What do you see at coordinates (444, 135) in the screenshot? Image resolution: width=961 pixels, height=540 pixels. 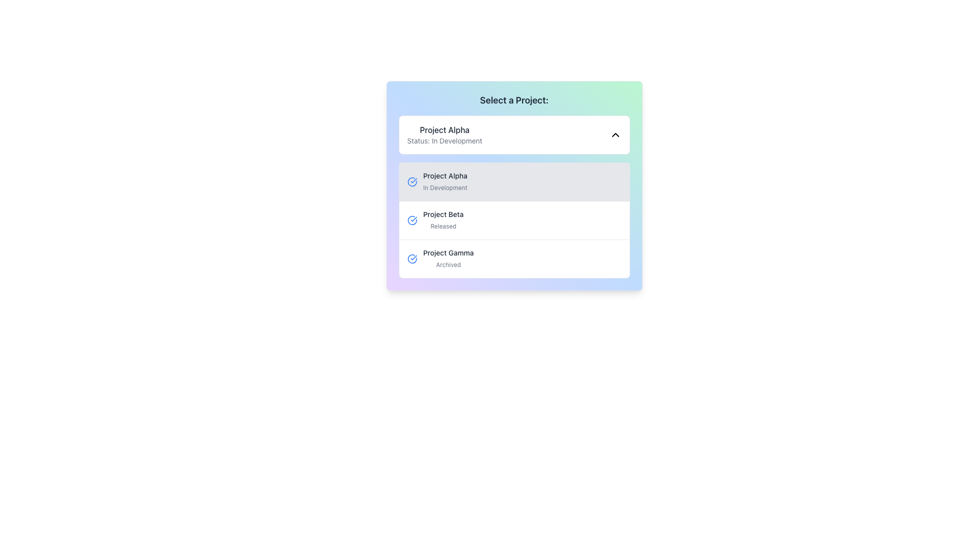 I see `the informative text block that displays 'Project Alpha' and 'Status: In Development', which is the first entry in the dropdown menu` at bounding box center [444, 135].